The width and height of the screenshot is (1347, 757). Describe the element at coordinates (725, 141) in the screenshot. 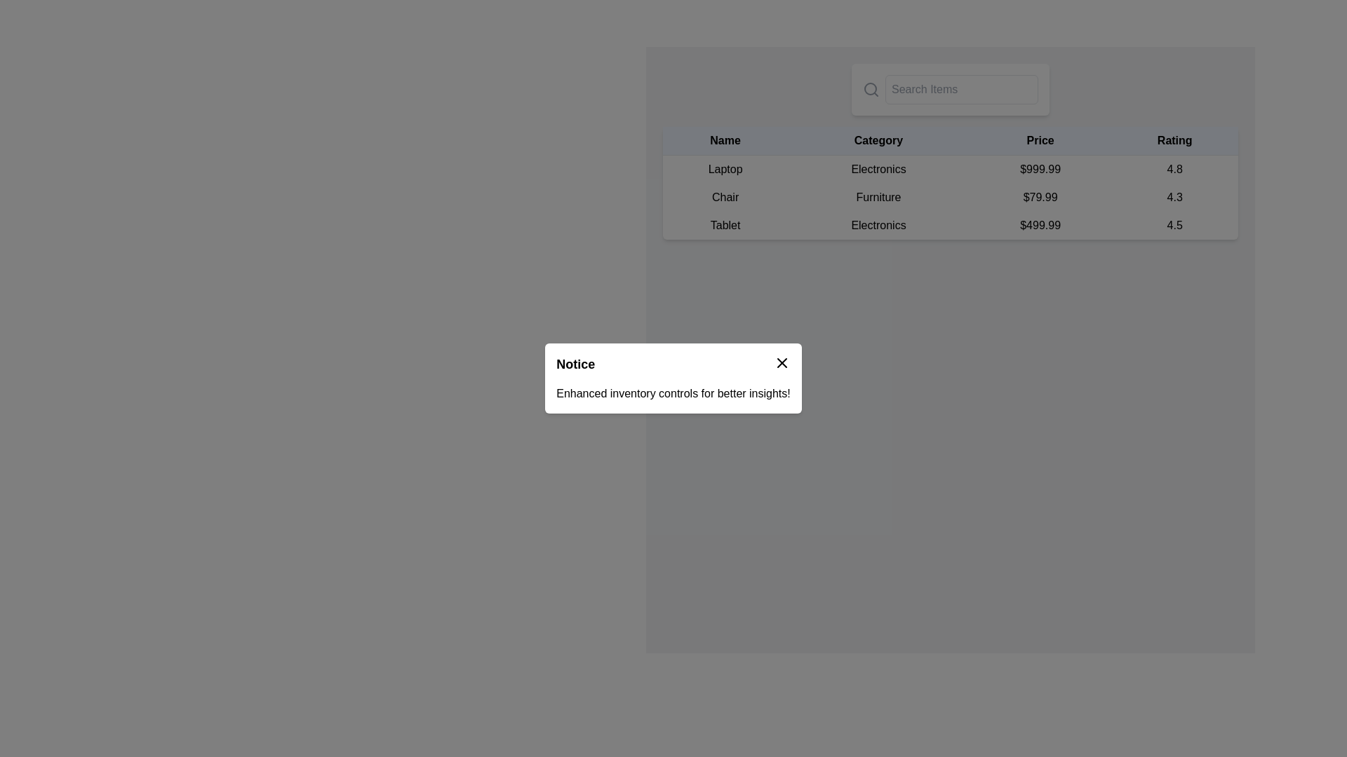

I see `column label from the leftmost header in the table, which indicates names or labels for the listed items` at that location.